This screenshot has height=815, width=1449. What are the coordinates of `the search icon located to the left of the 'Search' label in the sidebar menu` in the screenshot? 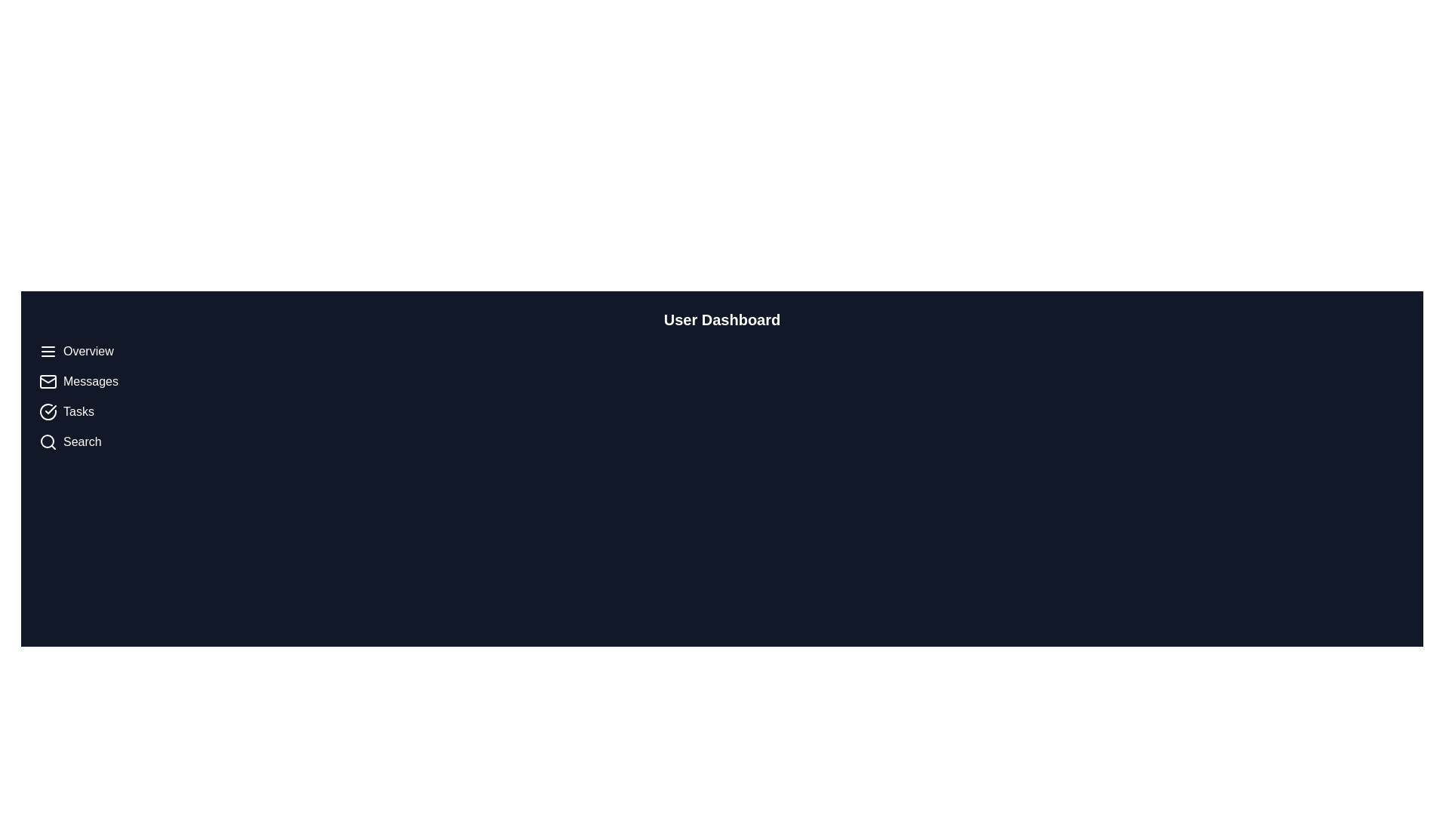 It's located at (48, 441).